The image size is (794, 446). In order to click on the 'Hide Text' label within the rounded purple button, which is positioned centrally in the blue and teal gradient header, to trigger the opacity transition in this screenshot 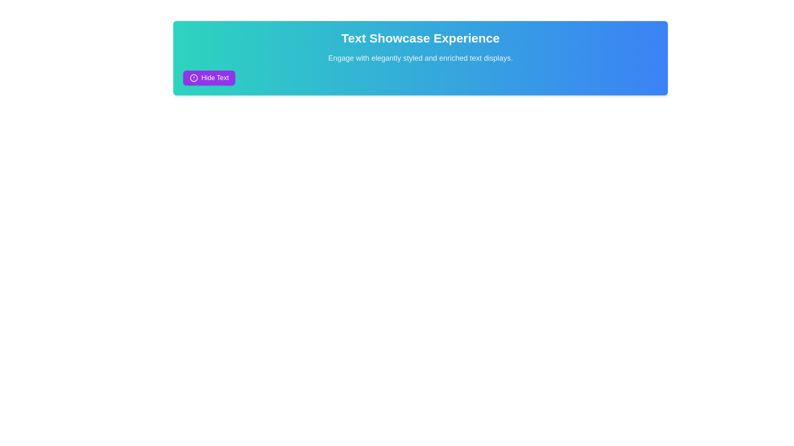, I will do `click(215, 78)`.